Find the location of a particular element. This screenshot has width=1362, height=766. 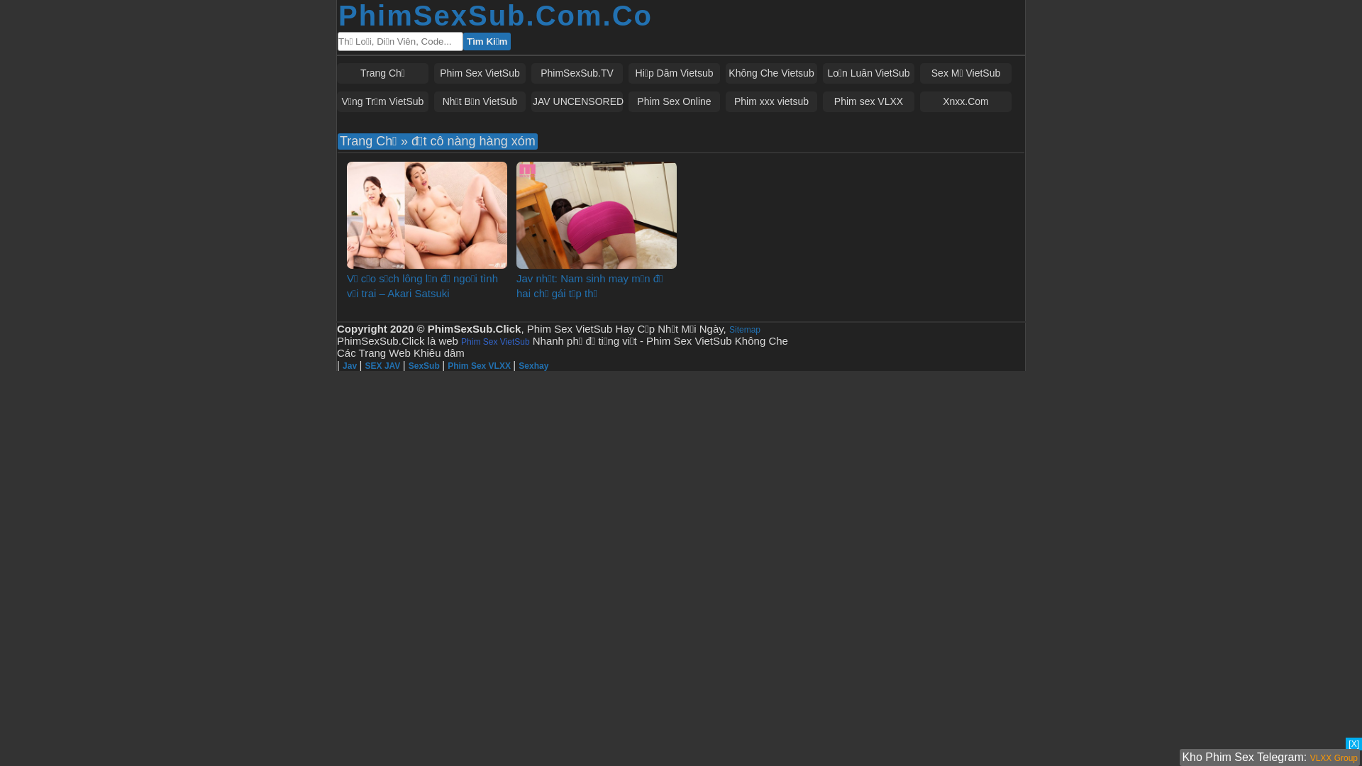

'VLXX Group' is located at coordinates (1333, 757).